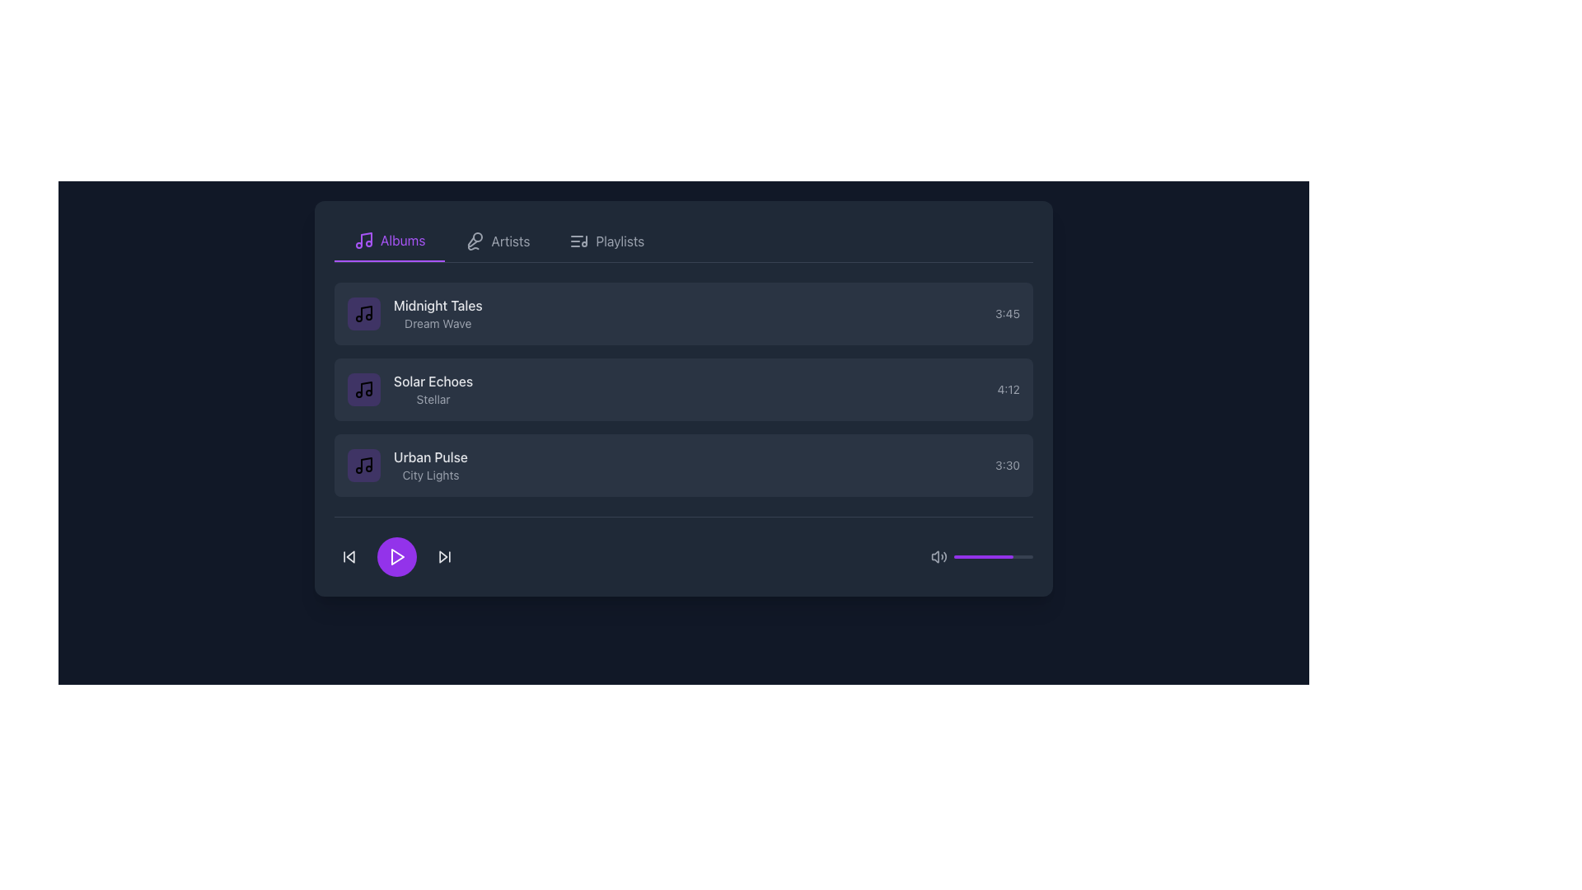 This screenshot has height=890, width=1582. I want to click on the second card, so click(684, 390).